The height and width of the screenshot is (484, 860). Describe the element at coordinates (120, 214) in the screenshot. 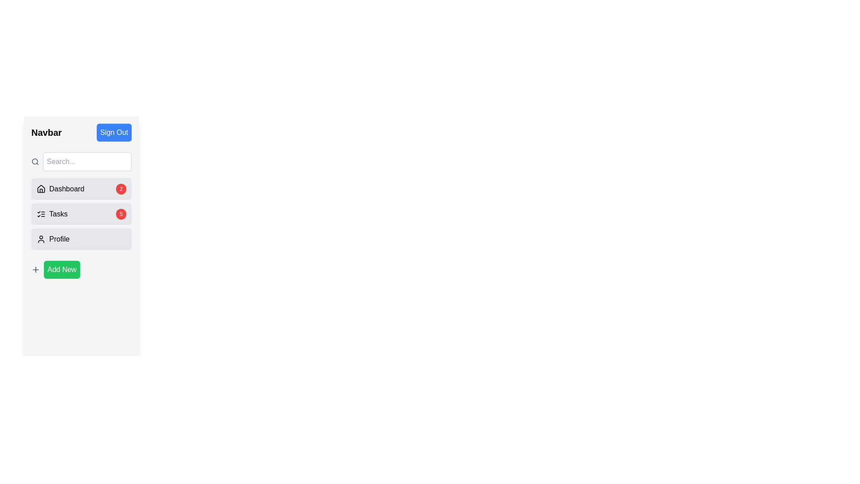

I see `the content of the Notification badge displaying the number '5' with a red background, positioned at the right end of the 'Tasks' section in the navigation menu` at that location.